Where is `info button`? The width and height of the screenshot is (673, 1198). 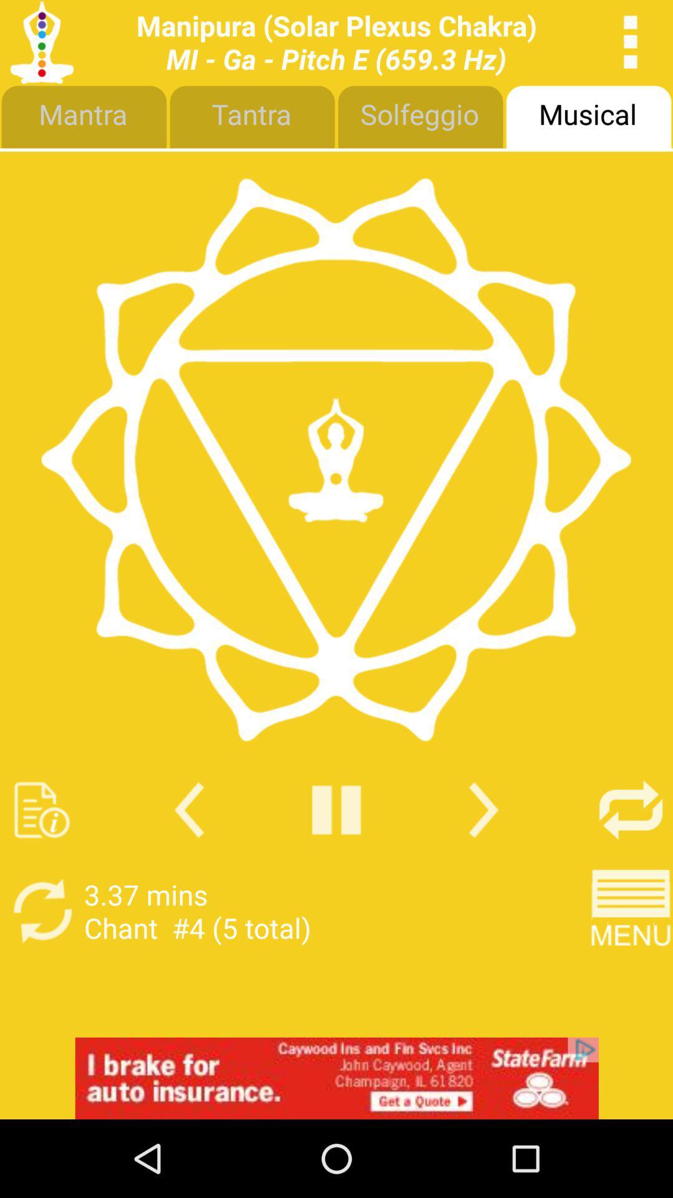
info button is located at coordinates (41, 810).